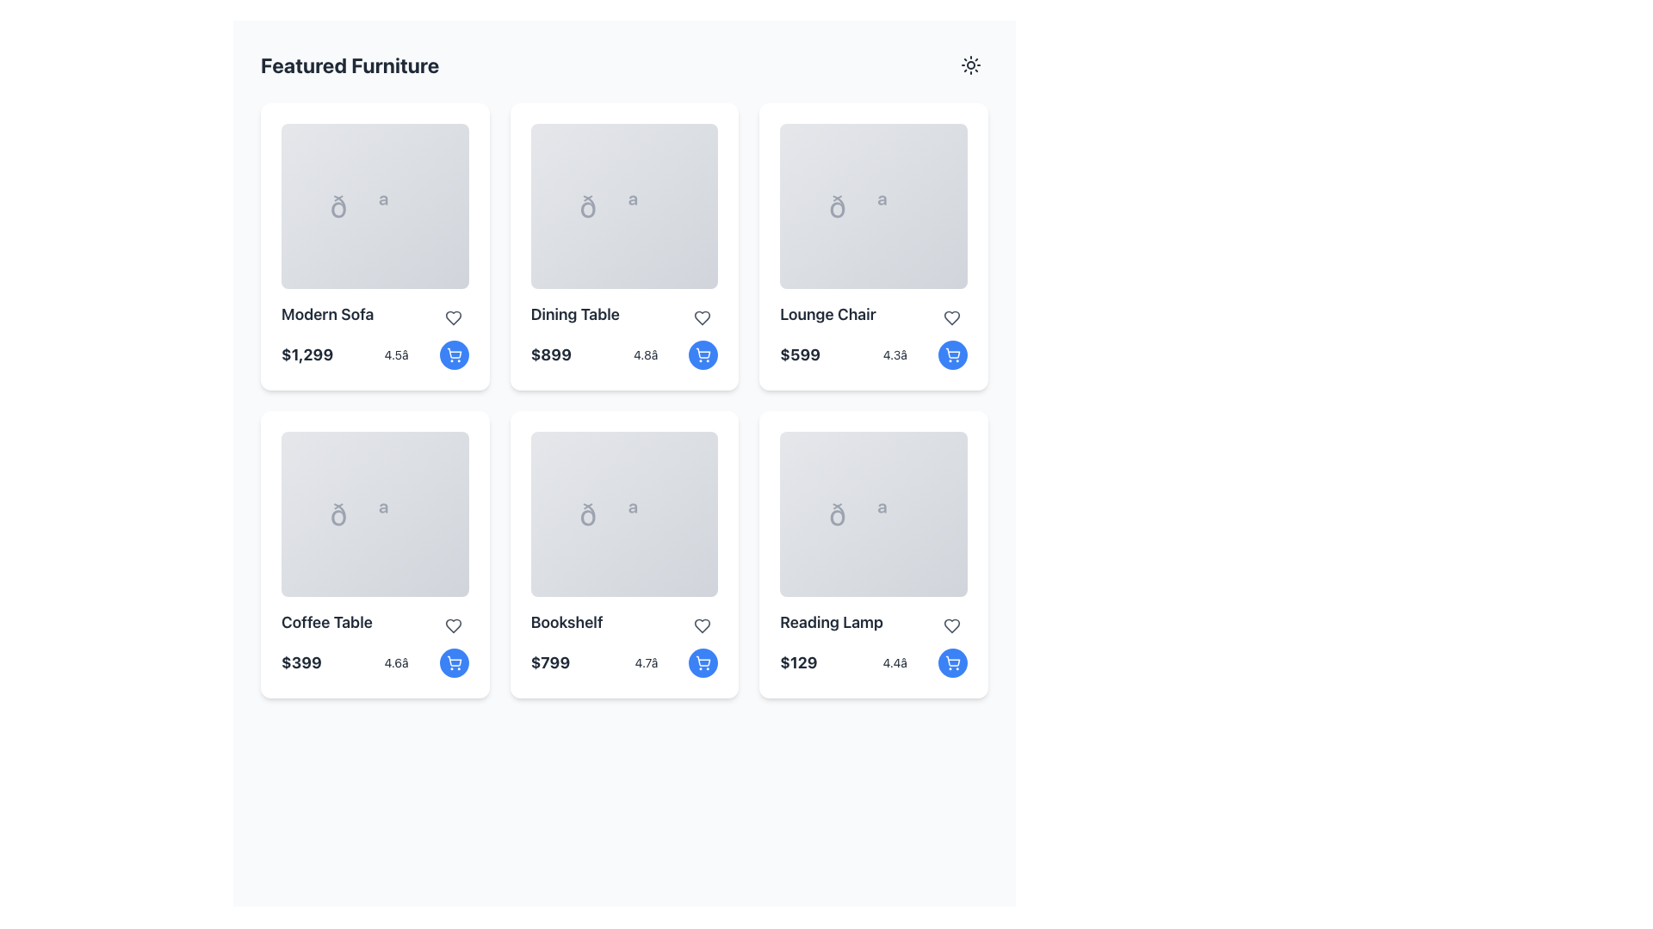 The width and height of the screenshot is (1653, 929). What do you see at coordinates (971, 65) in the screenshot?
I see `the sun icon in the top-right corner of the interface` at bounding box center [971, 65].